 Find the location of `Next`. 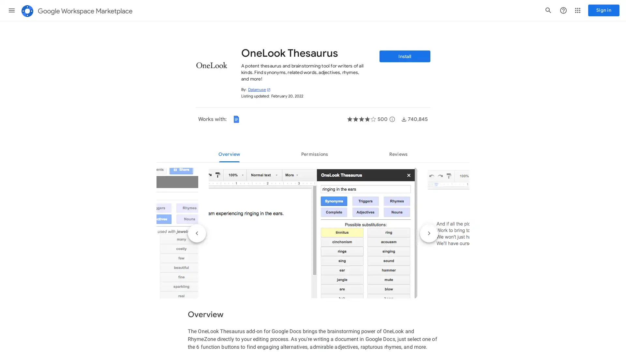

Next is located at coordinates (474, 233).